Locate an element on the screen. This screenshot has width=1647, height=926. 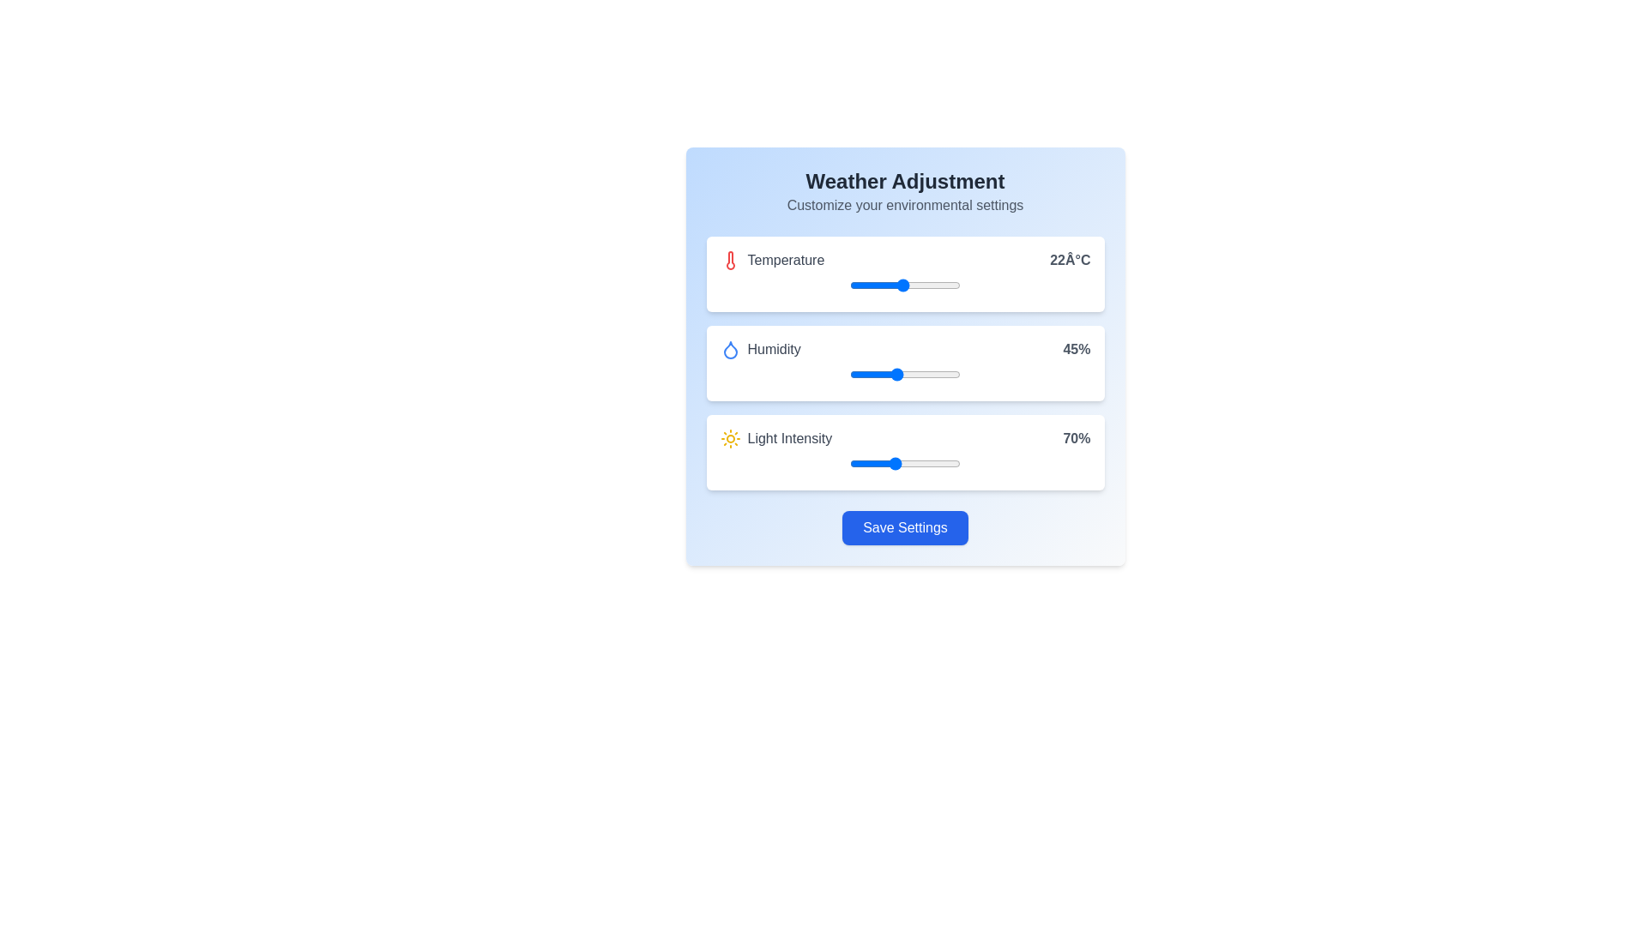
the light intensity is located at coordinates (867, 463).